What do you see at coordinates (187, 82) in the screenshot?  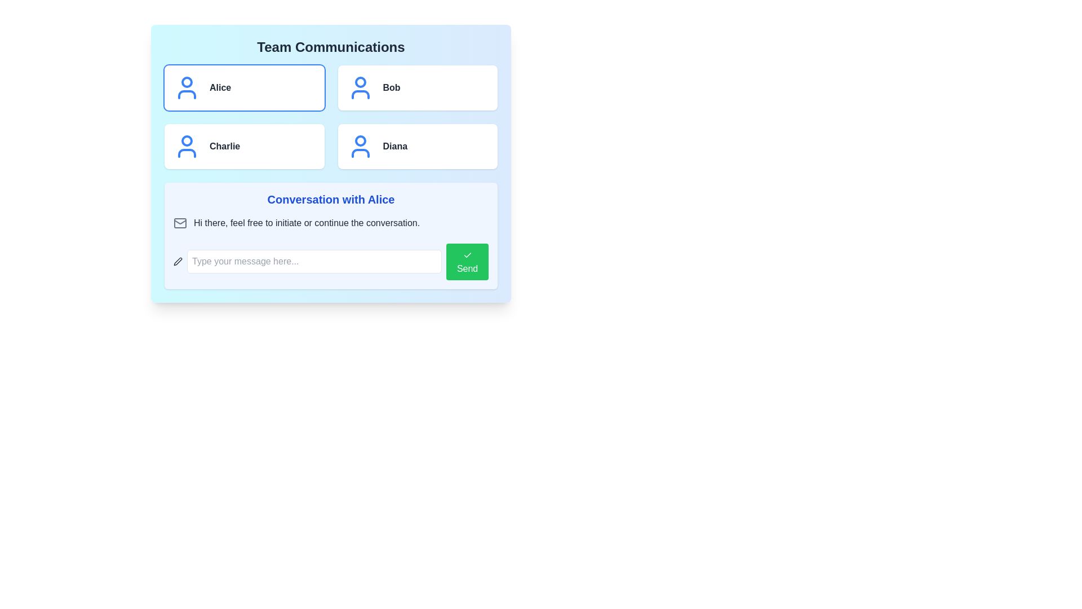 I see `the decorative indicator, which is a circular component nested within the user icon at the top left of the interface` at bounding box center [187, 82].